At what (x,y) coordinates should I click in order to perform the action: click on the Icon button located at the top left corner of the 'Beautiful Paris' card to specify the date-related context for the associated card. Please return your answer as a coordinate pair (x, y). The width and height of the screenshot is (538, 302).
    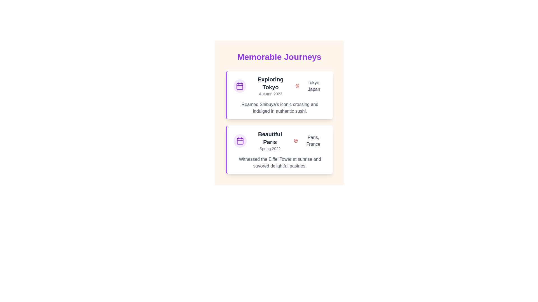
    Looking at the image, I should click on (240, 141).